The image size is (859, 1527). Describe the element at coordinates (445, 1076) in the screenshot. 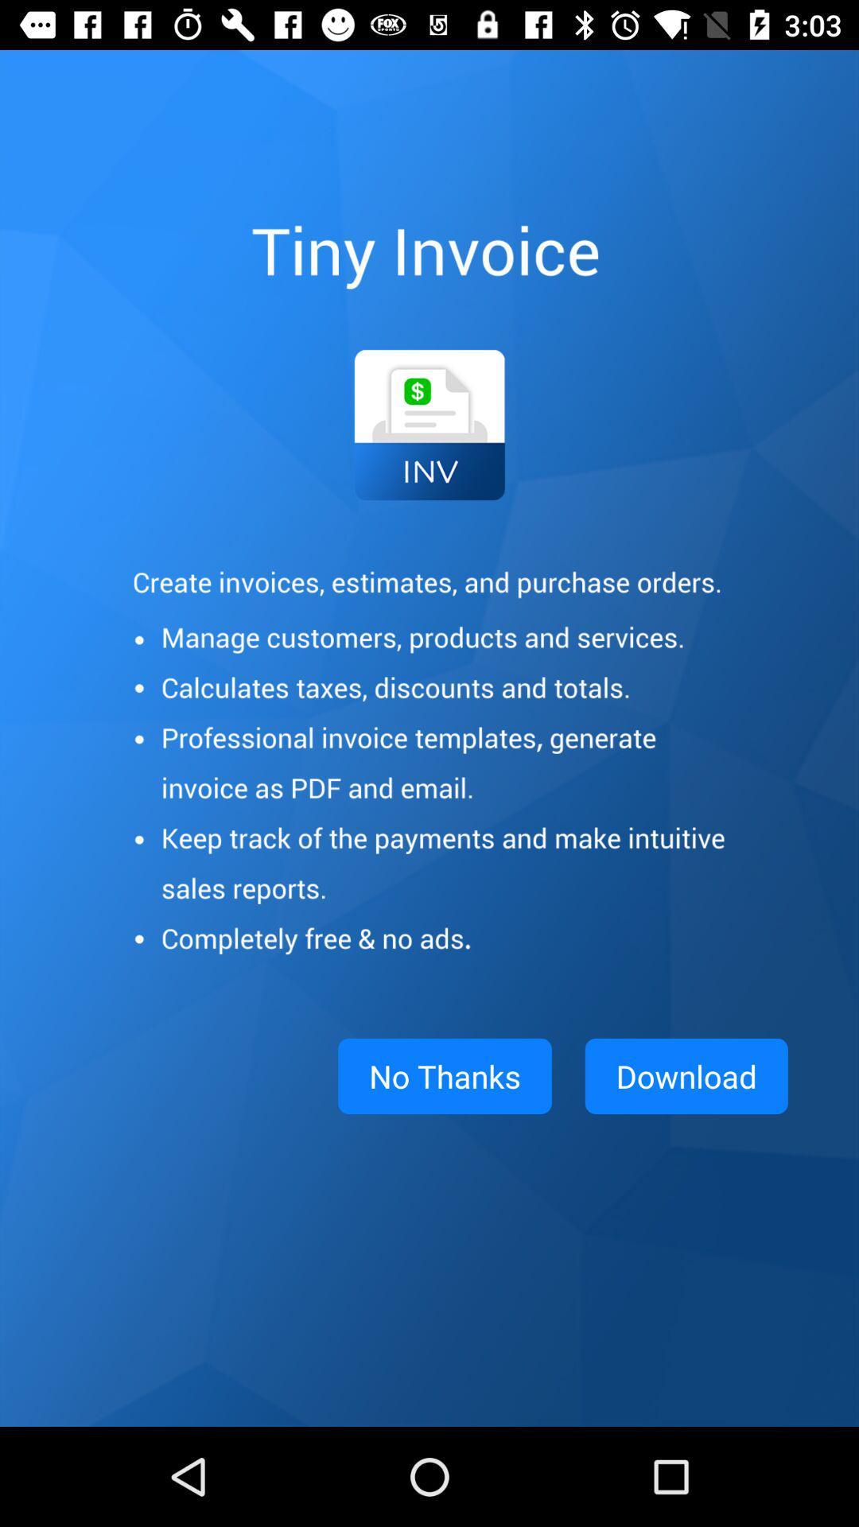

I see `no thanks icon` at that location.